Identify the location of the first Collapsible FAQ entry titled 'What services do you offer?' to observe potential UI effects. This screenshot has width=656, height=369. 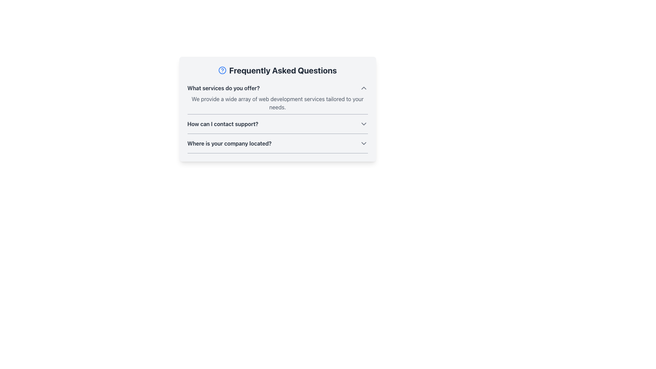
(277, 99).